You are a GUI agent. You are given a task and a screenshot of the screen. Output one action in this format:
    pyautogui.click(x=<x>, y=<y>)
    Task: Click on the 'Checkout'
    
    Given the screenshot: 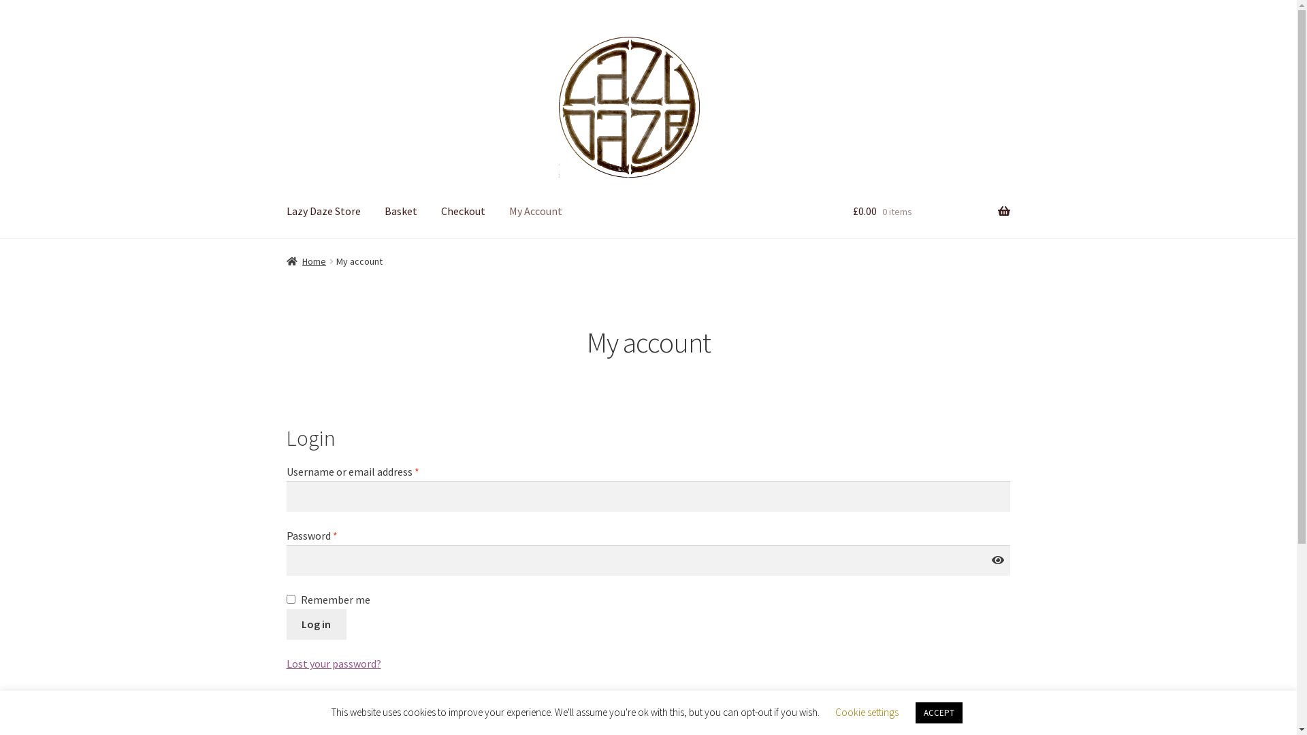 What is the action you would take?
    pyautogui.click(x=463, y=212)
    